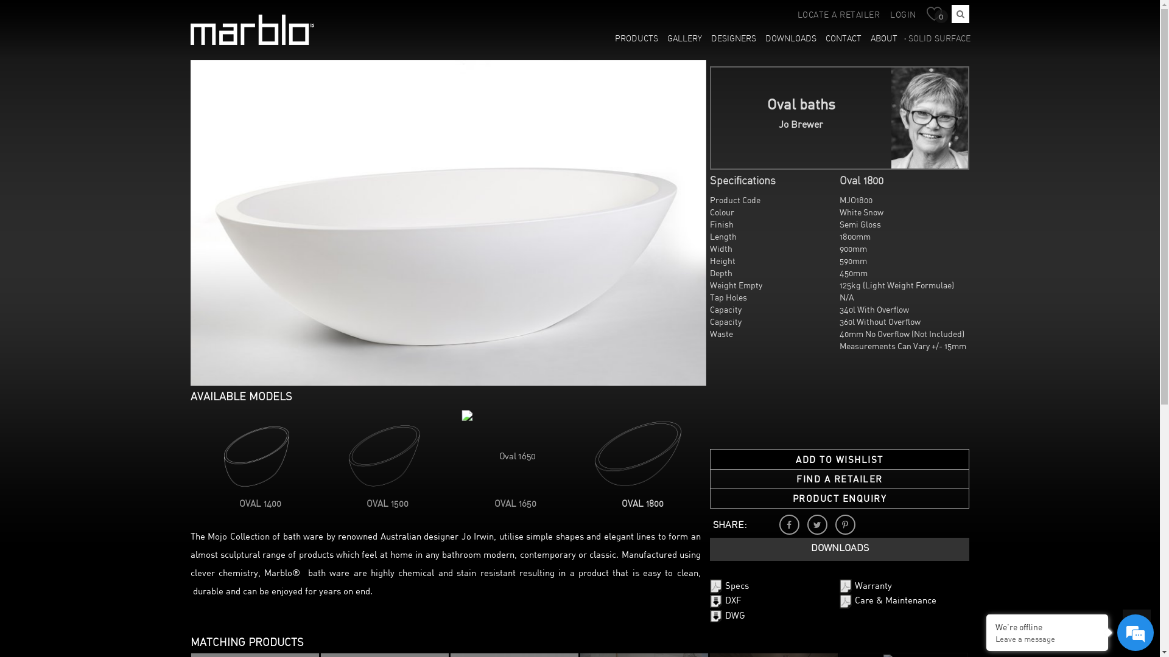  What do you see at coordinates (937, 39) in the screenshot?
I see `'SOLID SURFACE'` at bounding box center [937, 39].